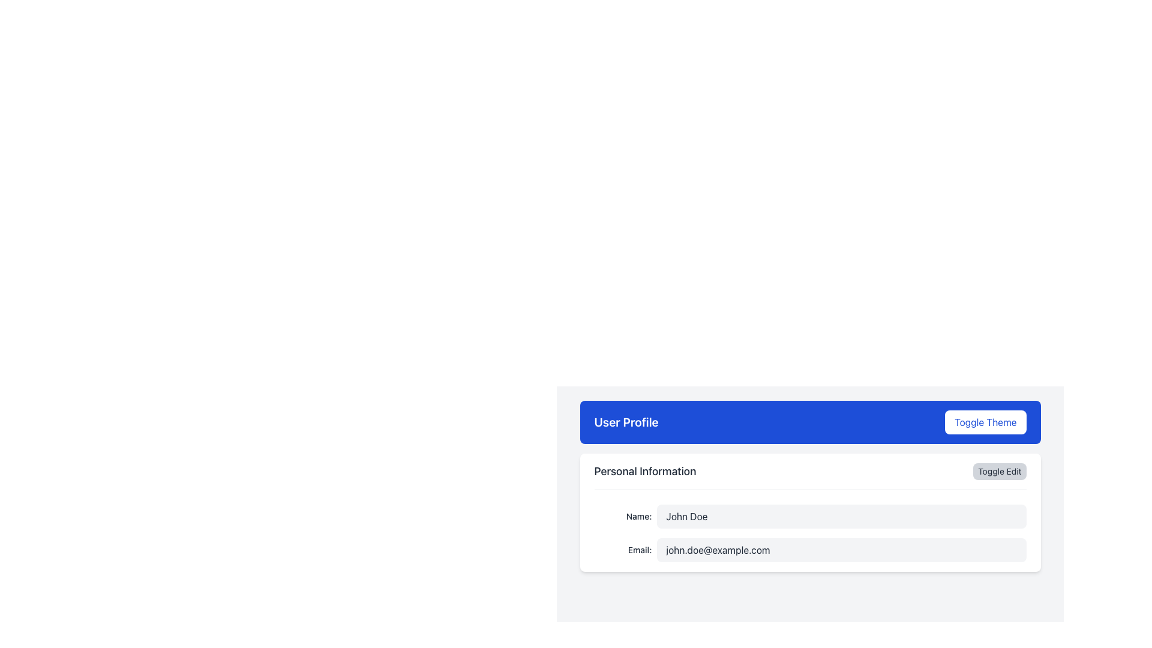  What do you see at coordinates (626, 422) in the screenshot?
I see `the 'User Profile' text label, which is styled in a bold, large font and displayed in white on a blue rectangular background, located in the top-left corner of a blue bar` at bounding box center [626, 422].